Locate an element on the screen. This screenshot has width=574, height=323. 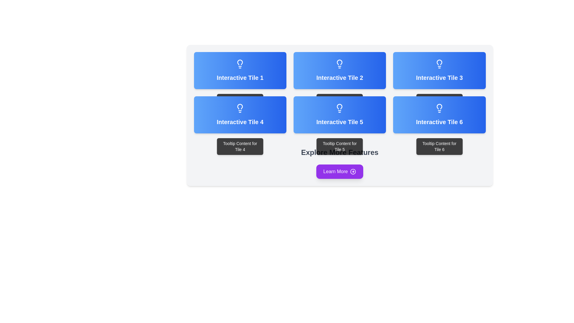
bold text label 'Interactive Tile 2' that is centered in the second tile of the top row, which features a gradient blue background and a lightbulb icon above it is located at coordinates (340, 77).